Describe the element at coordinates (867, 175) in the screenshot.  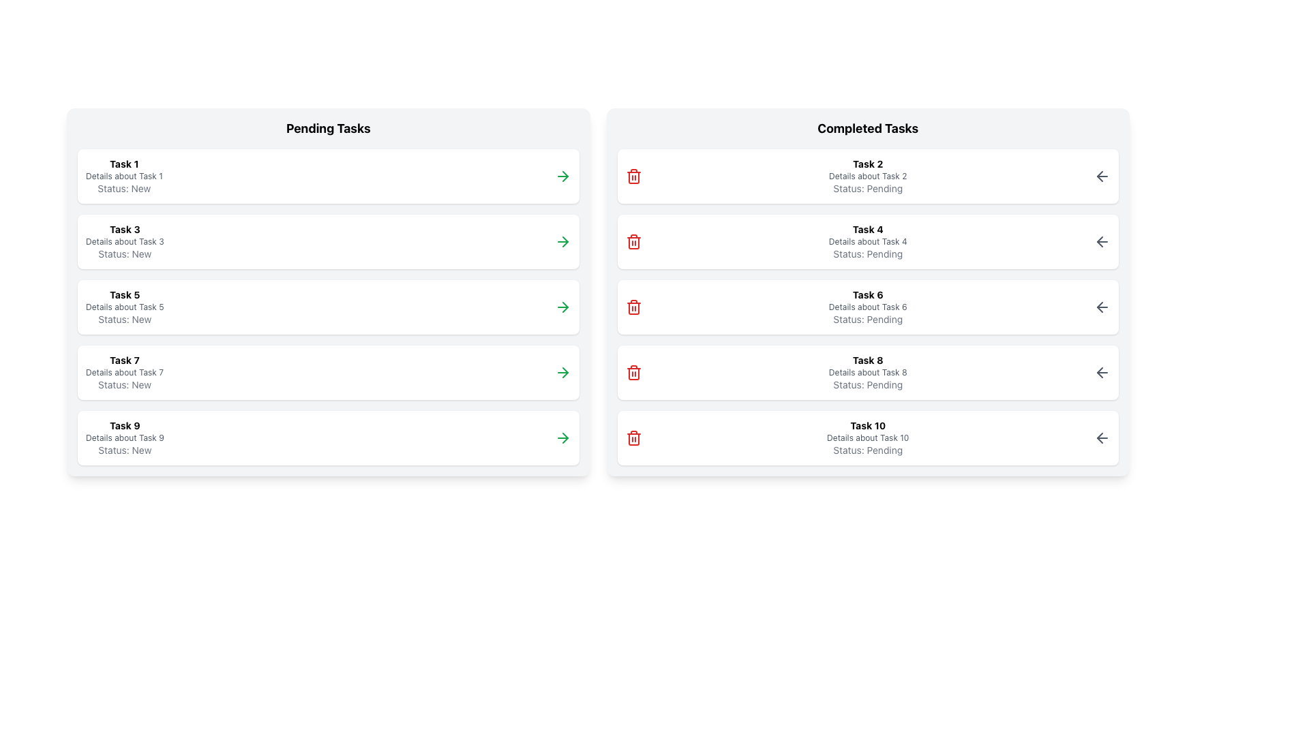
I see `the text label providing additional descriptive information specific to 'Task 2', which is located below the title 'Task 2' and above the line indicating 'Status: Pending' in the second item of the 'Completed Tasks' list` at that location.